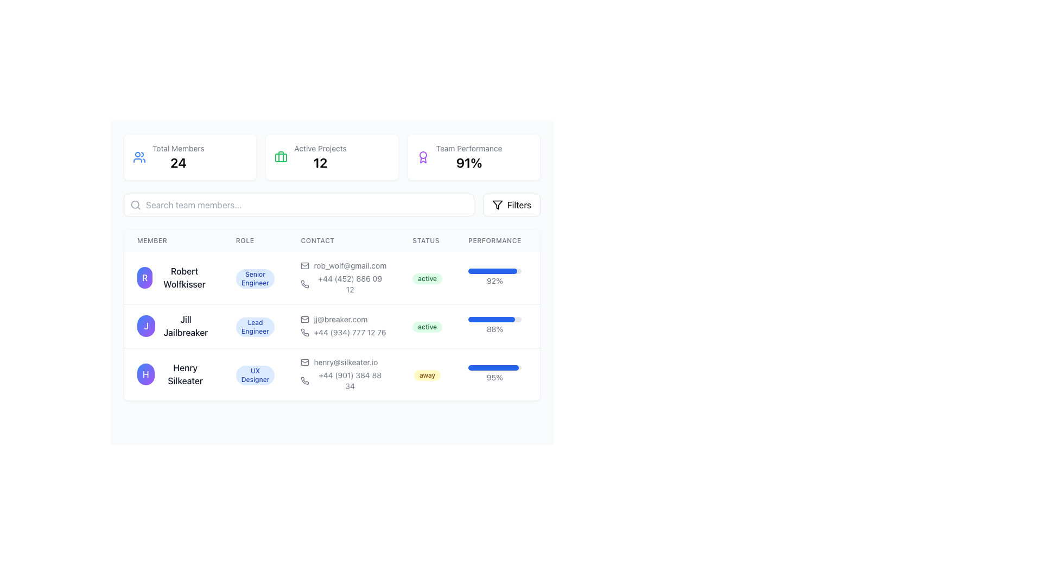  Describe the element at coordinates (173, 326) in the screenshot. I see `the text label with the avatar icon for the team member, located in the second row of the member list` at that location.